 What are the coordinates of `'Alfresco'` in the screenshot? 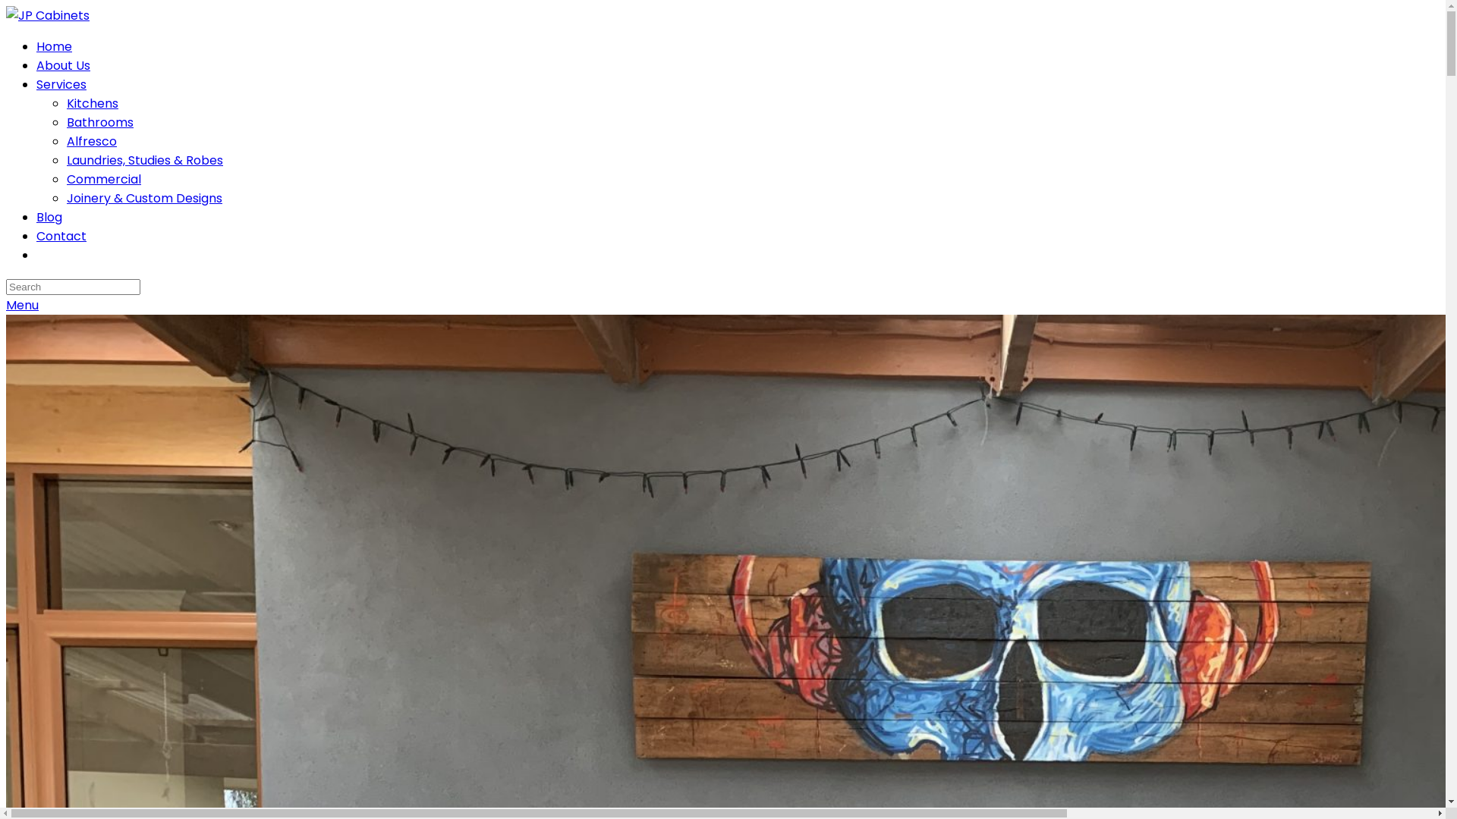 It's located at (90, 141).